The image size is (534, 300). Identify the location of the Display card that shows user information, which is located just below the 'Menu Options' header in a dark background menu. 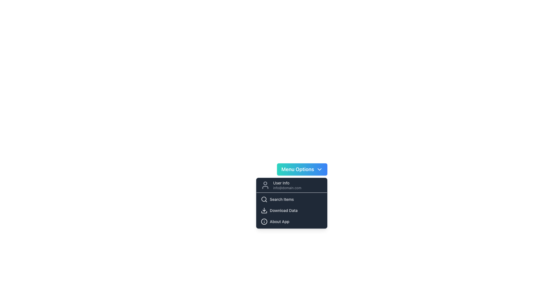
(291, 185).